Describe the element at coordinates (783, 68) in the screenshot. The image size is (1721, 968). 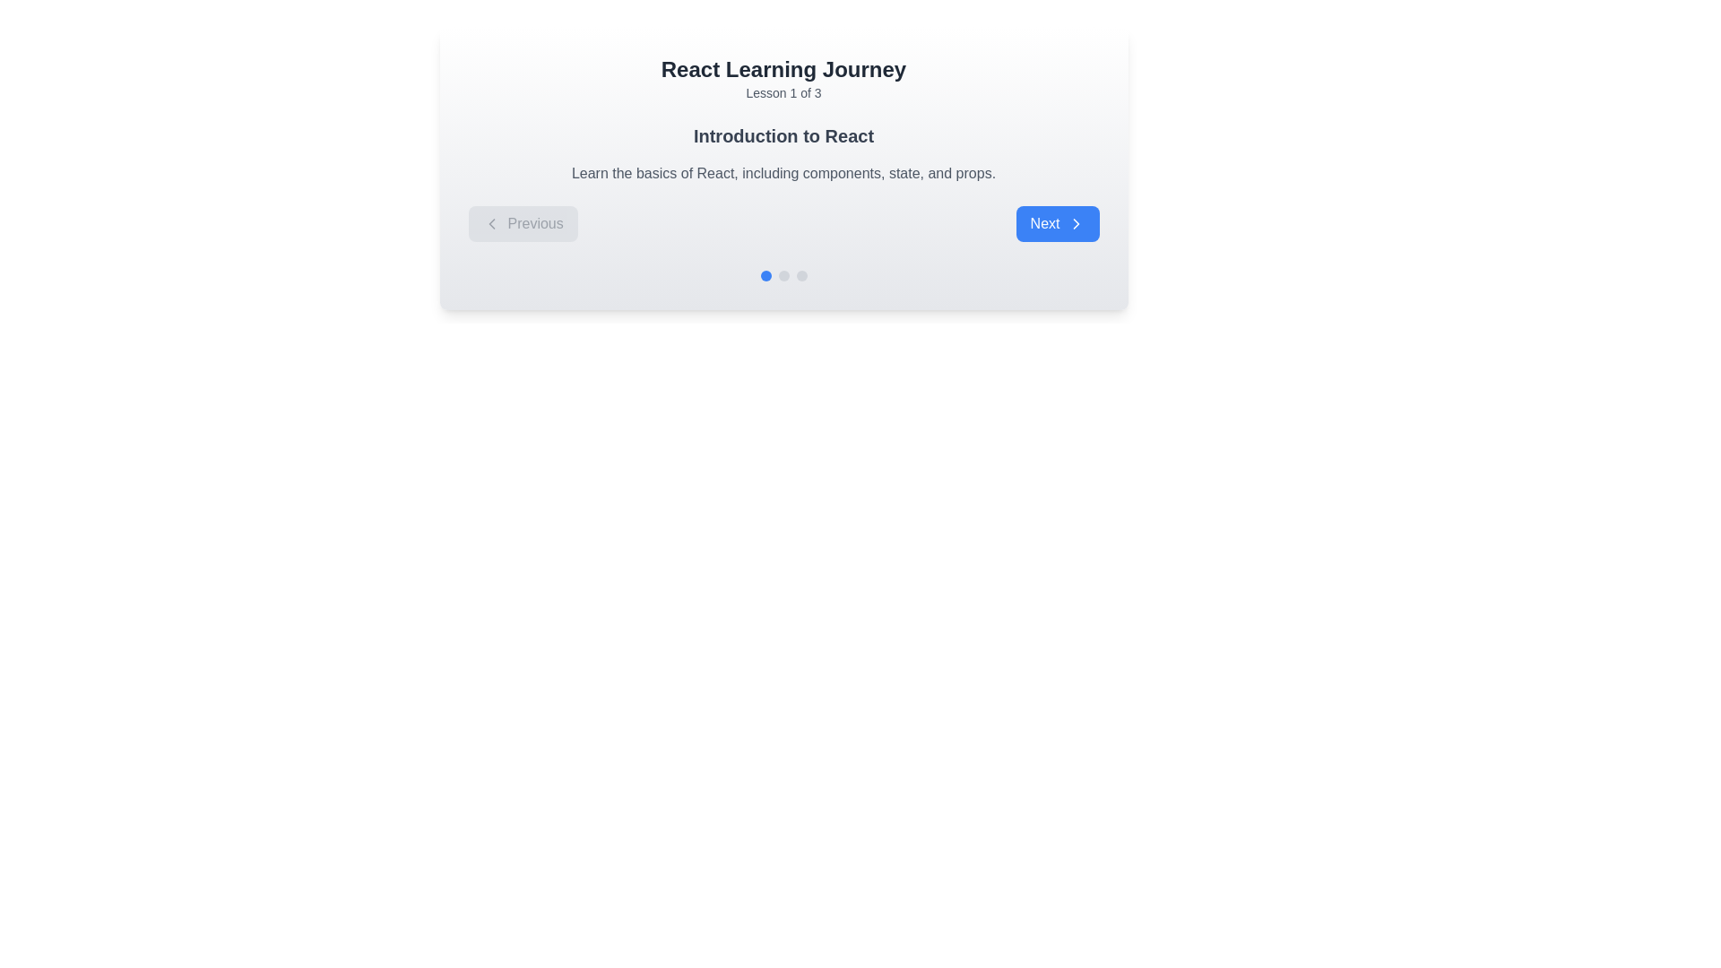
I see `the text block that displays 'React Learning Journey', which is styled in large, bold dark gray typography and positioned at the top-middle of the interface, above 'Lesson 1 of 3'` at that location.